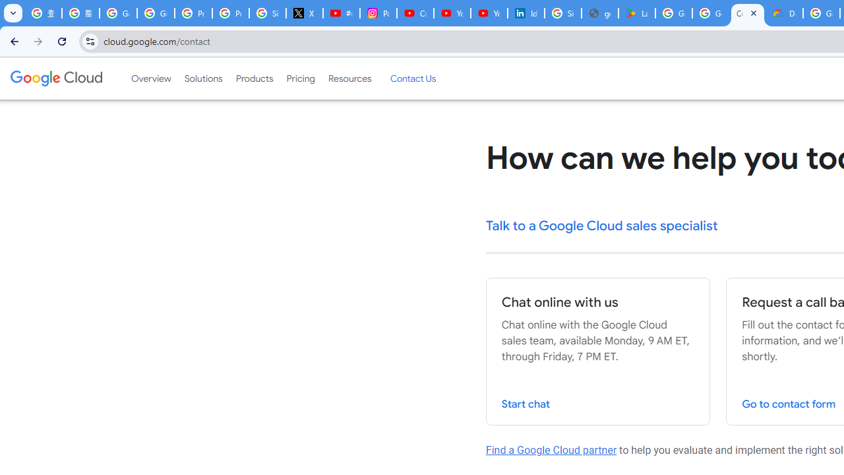  I want to click on 'YouTube Culture & Trends - YouTube Top 10, 2021', so click(489, 13).